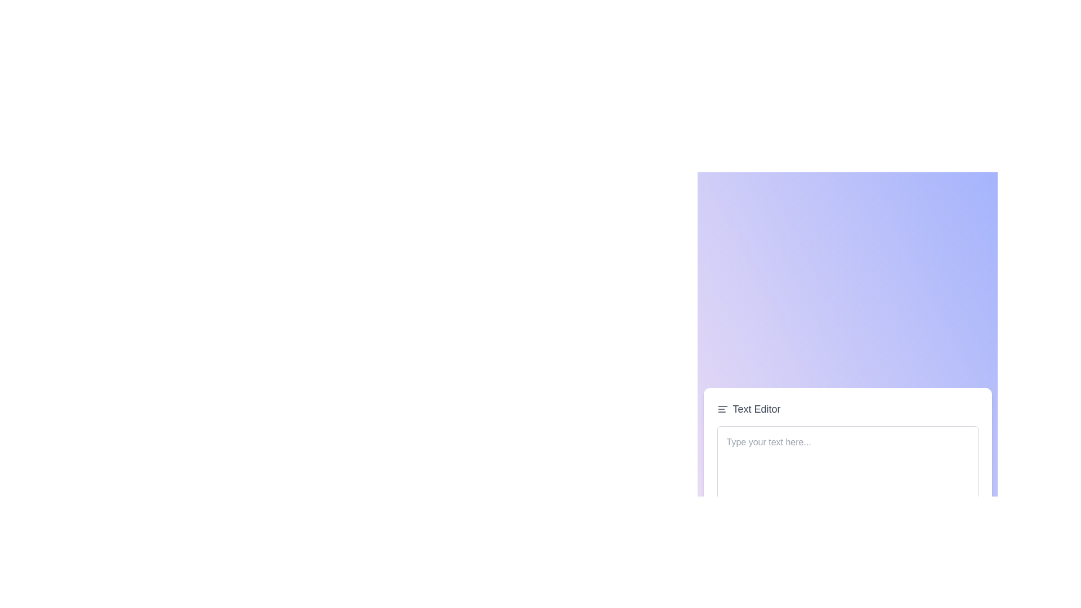  Describe the element at coordinates (722, 409) in the screenshot. I see `the graphical icon resembling three horizontal lines, located at the top-left corner of the 'Text Editor' header, which serves as a visual indicator for the section` at that location.